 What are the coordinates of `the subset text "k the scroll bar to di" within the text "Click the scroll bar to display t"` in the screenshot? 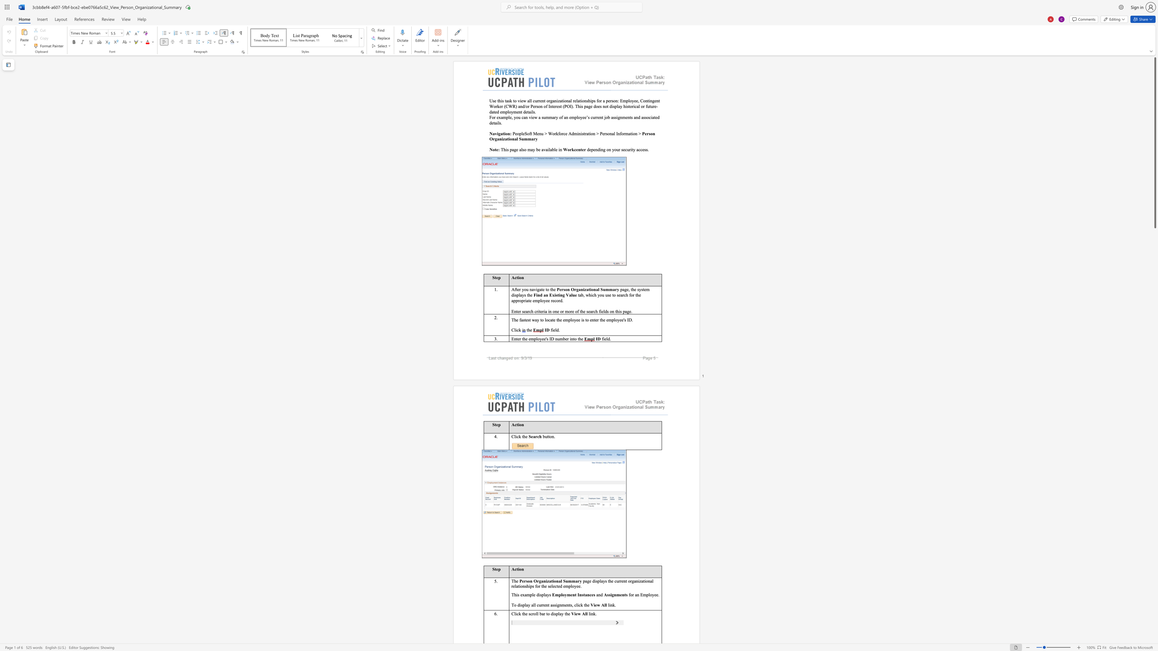 It's located at (518, 613).